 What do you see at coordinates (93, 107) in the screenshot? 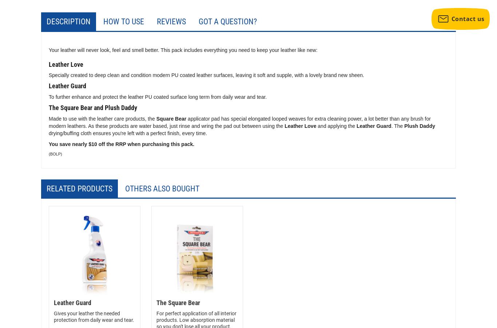
I see `'The Square Bear and Plush Daddy'` at bounding box center [93, 107].